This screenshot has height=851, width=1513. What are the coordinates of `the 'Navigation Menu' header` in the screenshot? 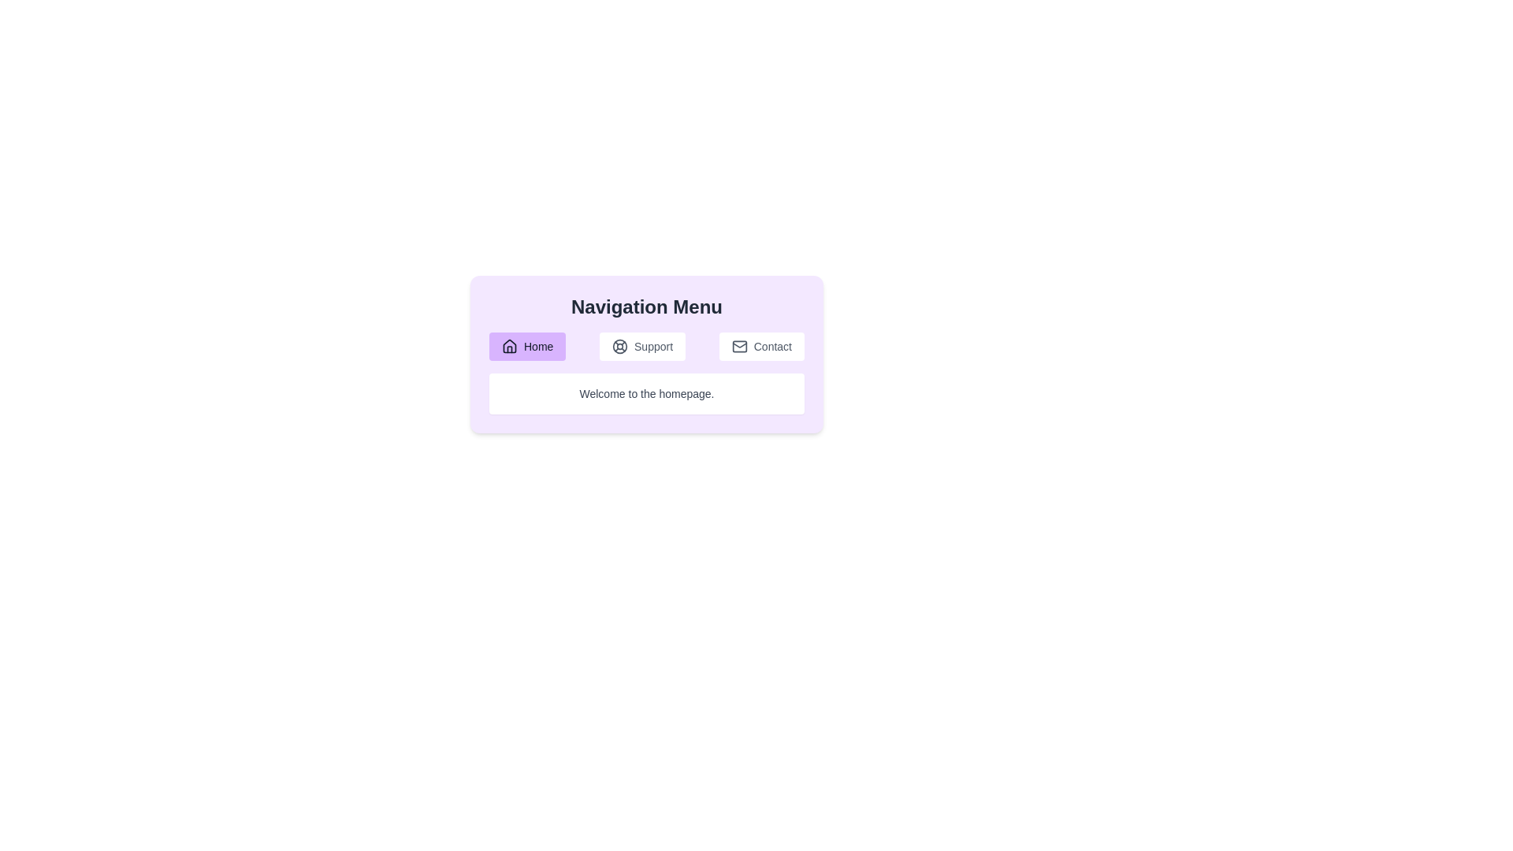 It's located at (646, 307).